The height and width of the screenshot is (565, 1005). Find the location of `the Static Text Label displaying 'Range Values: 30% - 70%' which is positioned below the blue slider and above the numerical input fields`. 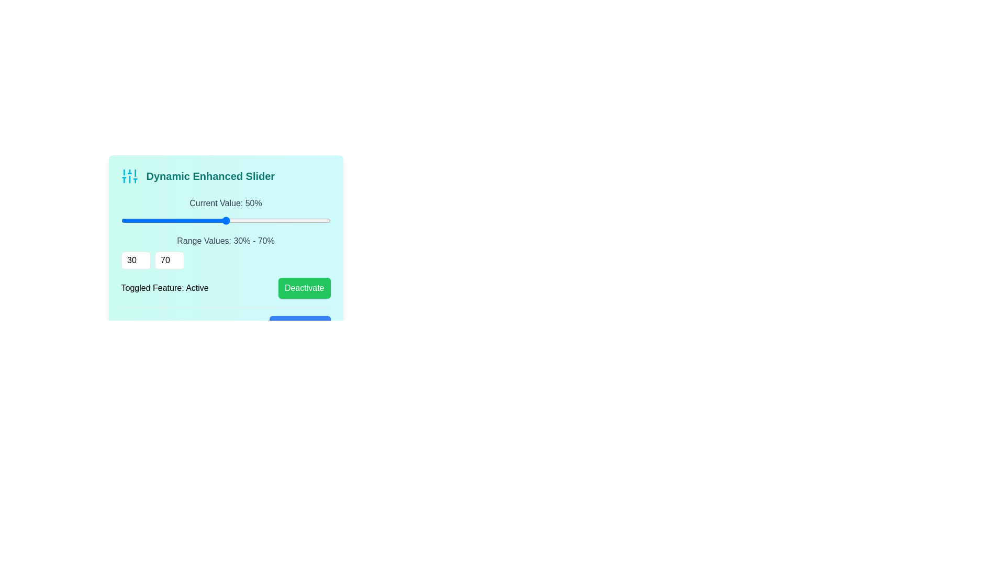

the Static Text Label displaying 'Range Values: 30% - 70%' which is positioned below the blue slider and above the numerical input fields is located at coordinates (225, 241).